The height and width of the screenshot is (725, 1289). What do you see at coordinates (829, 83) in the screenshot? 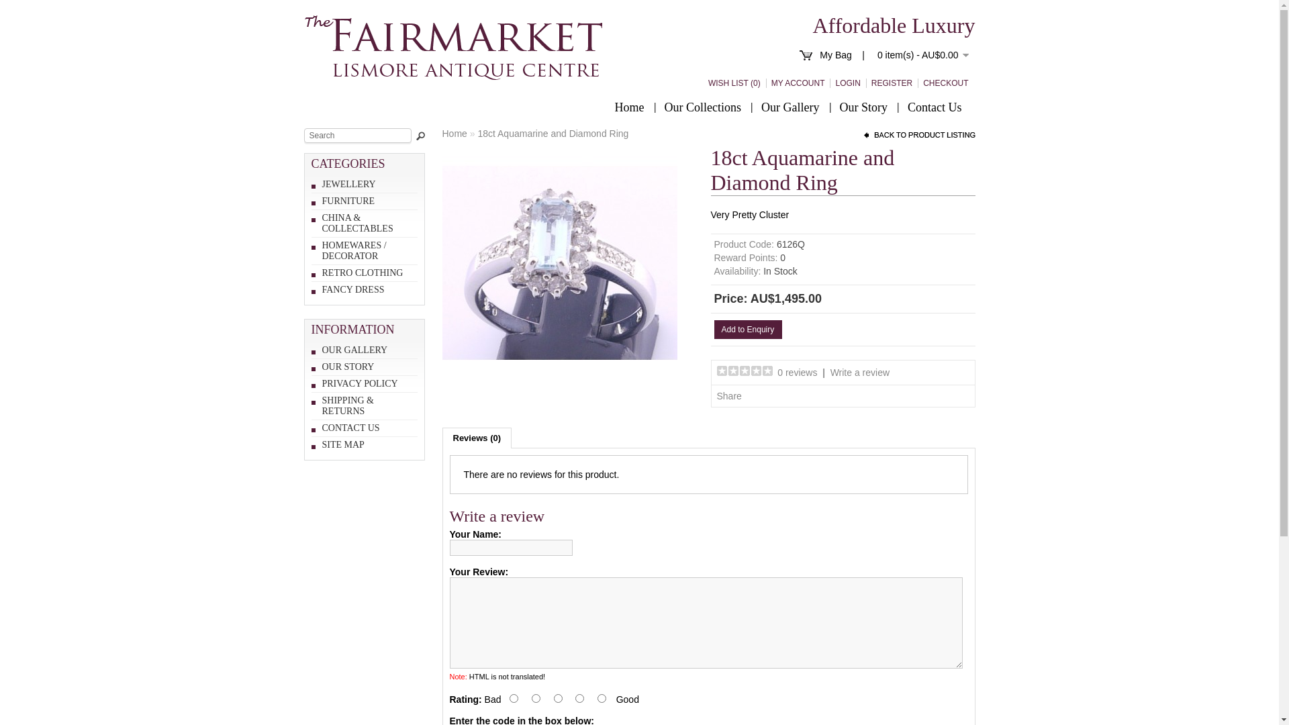
I see `'LOGIN'` at bounding box center [829, 83].